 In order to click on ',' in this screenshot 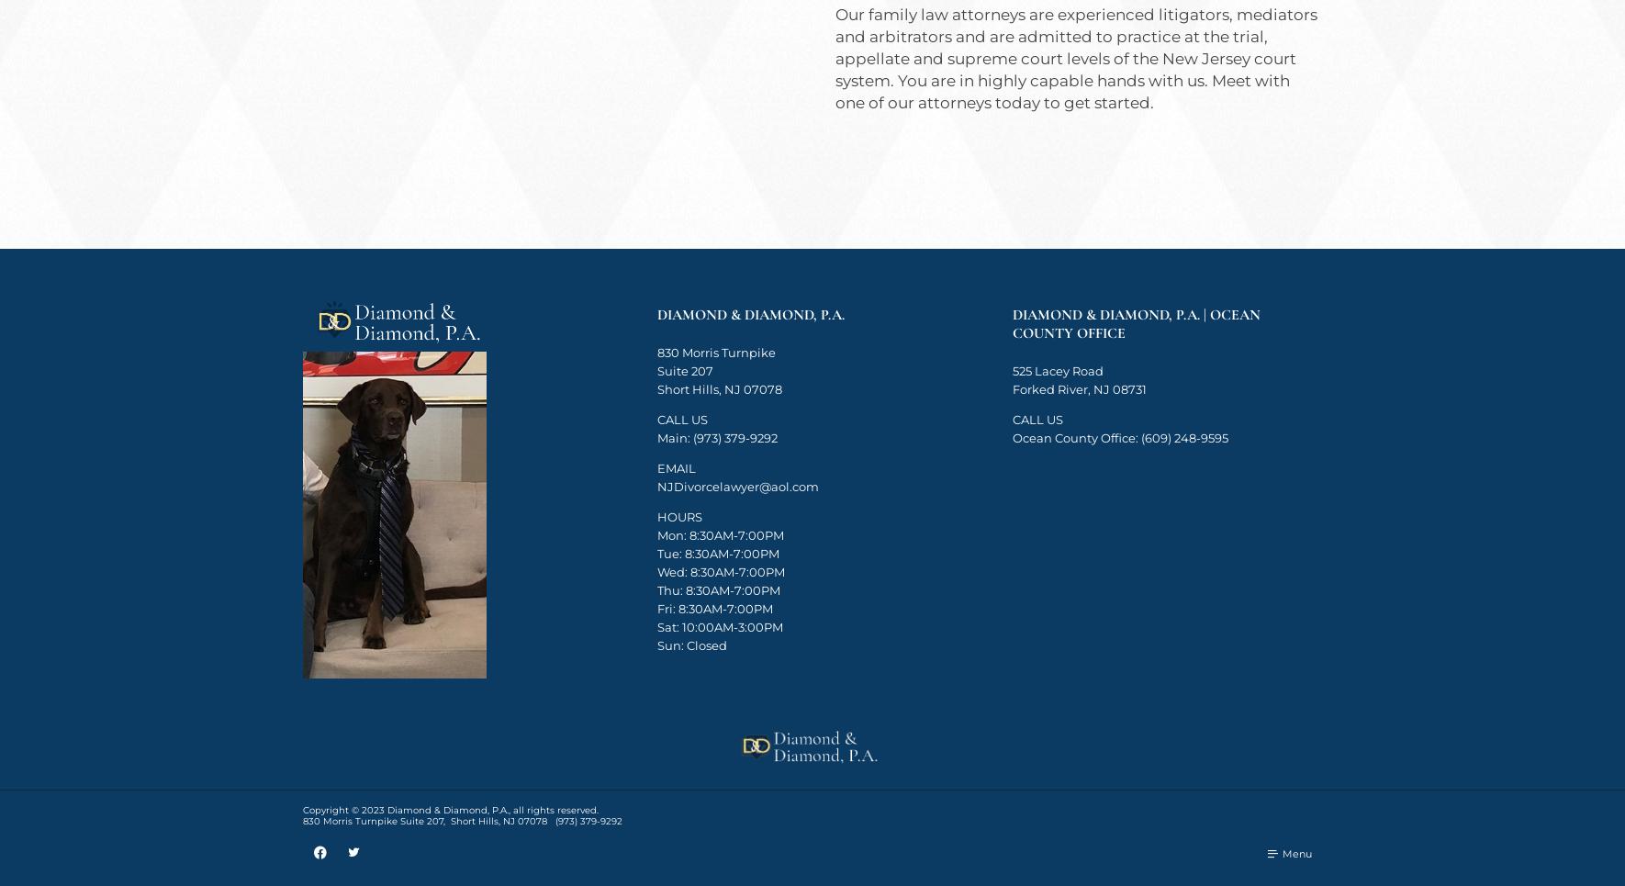, I will do `click(499, 820)`.